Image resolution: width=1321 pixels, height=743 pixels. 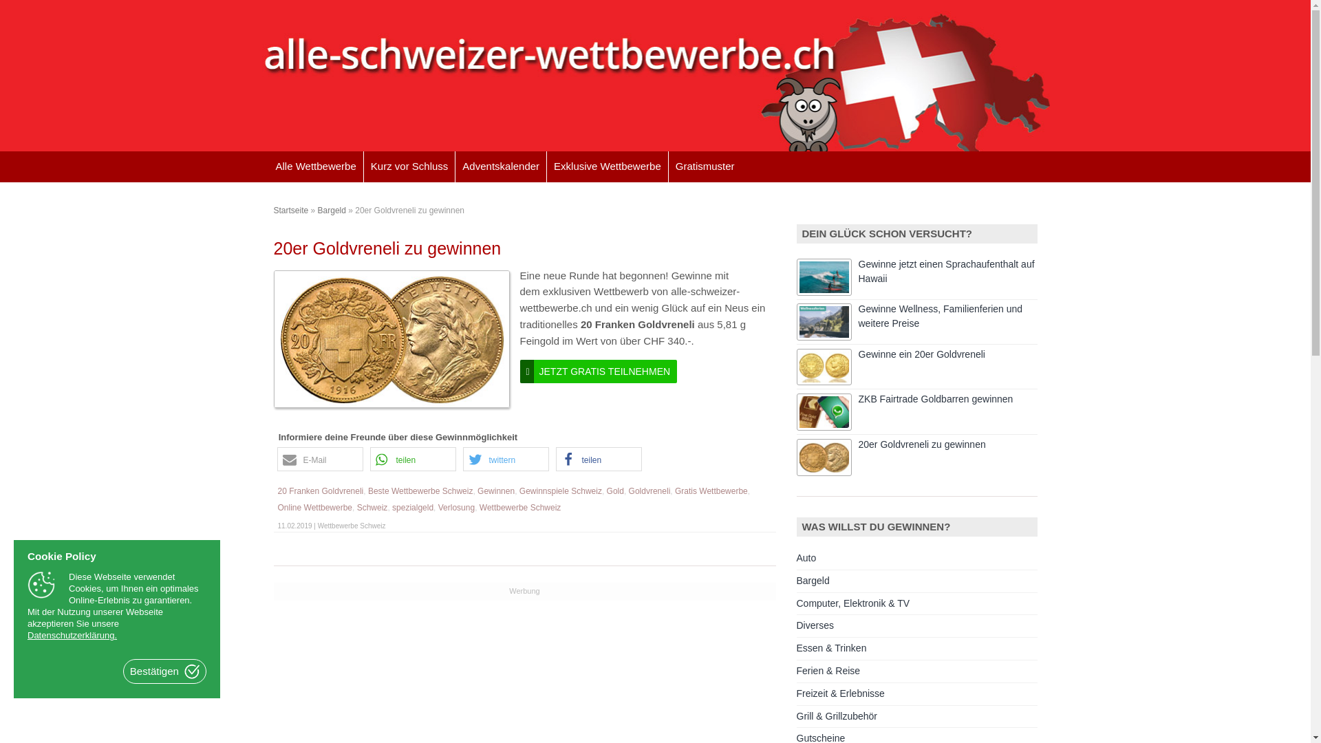 I want to click on 'Essen & Trinken', so click(x=831, y=647).